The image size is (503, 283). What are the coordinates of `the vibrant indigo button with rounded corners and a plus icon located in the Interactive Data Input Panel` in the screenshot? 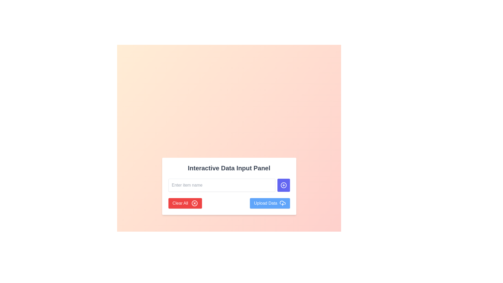 It's located at (283, 185).